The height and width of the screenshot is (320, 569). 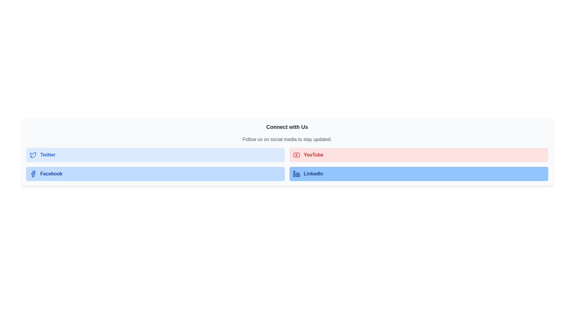 What do you see at coordinates (51, 173) in the screenshot?
I see `bold, blue-colored text labeled 'Facebook' located next to the Facebook logo inside a rounded rectangle button in the second row of social media links` at bounding box center [51, 173].